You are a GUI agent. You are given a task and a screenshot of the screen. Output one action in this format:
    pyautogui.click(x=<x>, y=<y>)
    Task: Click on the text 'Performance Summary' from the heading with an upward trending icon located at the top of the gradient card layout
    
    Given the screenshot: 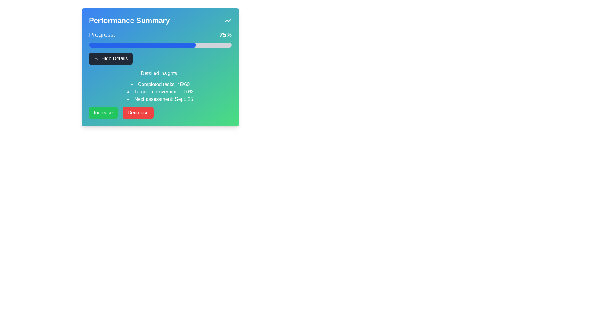 What is the action you would take?
    pyautogui.click(x=160, y=20)
    